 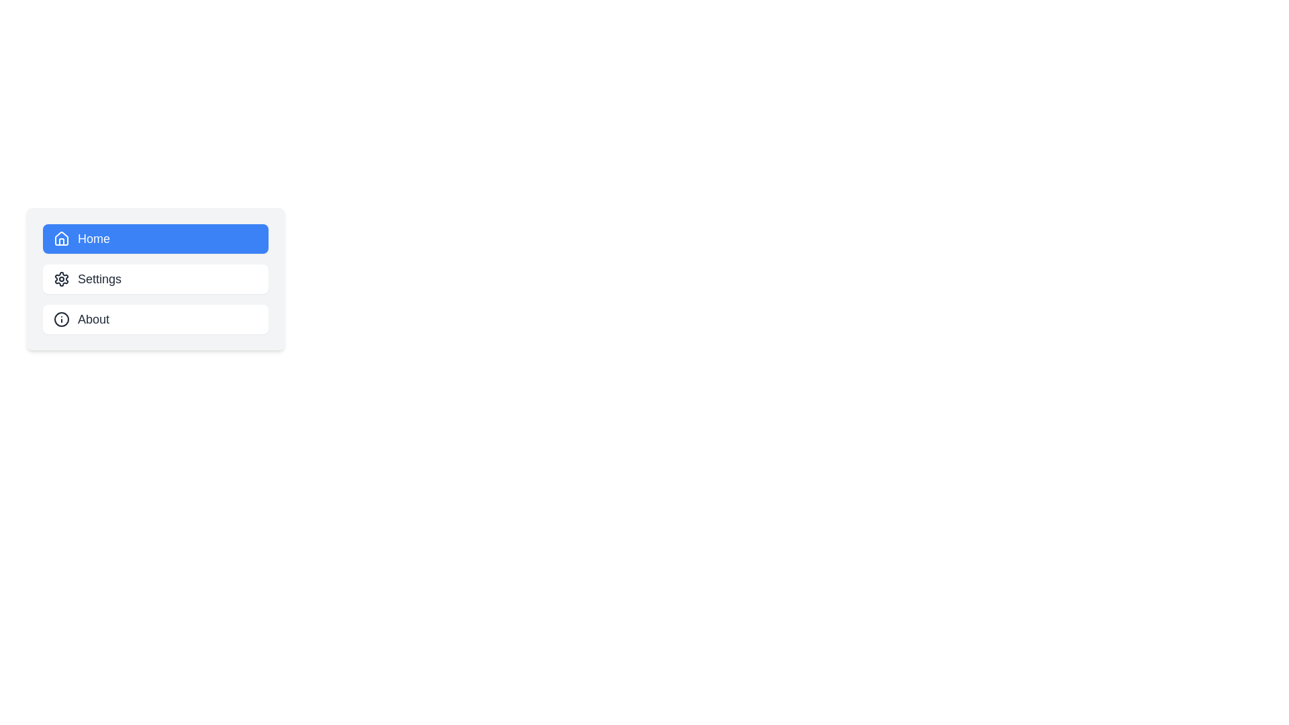 I want to click on the 'About' button, which is the last item in the list of navigation options, to trigger a visual change, so click(x=155, y=319).